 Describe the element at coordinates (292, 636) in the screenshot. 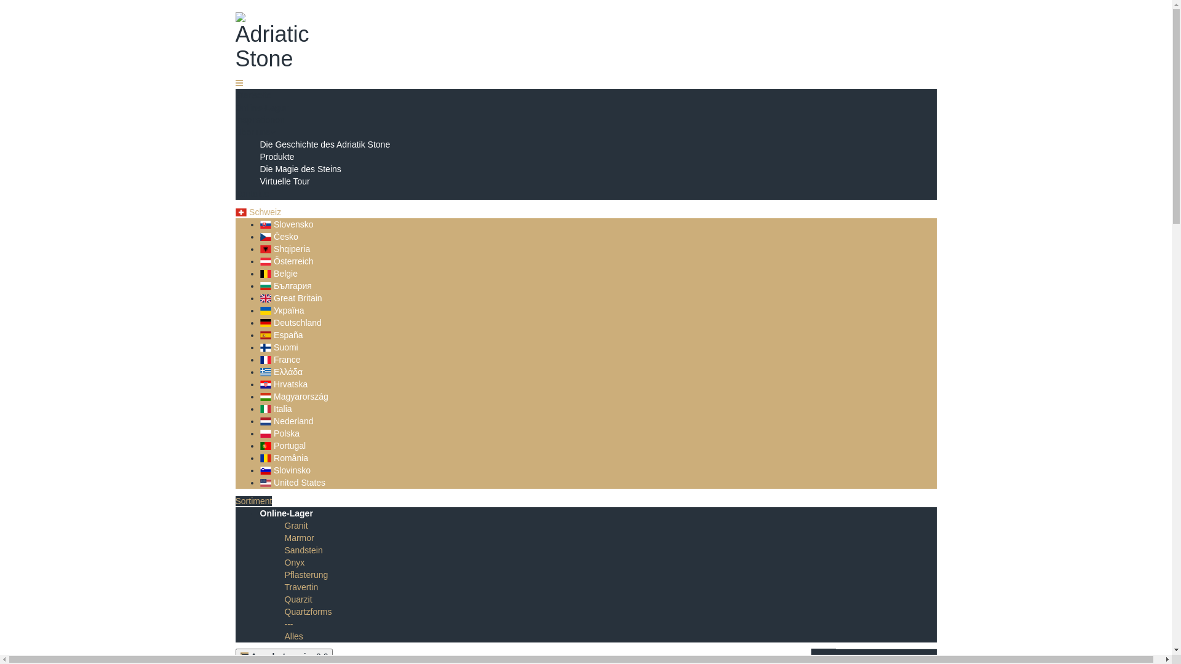

I see `'Alles'` at that location.